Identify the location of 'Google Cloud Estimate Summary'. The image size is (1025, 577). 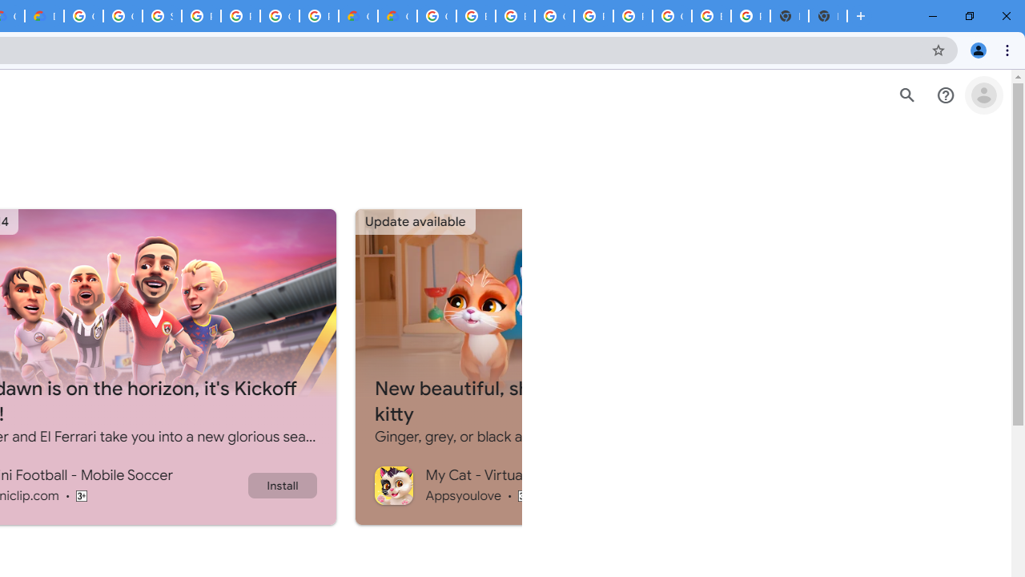
(397, 16).